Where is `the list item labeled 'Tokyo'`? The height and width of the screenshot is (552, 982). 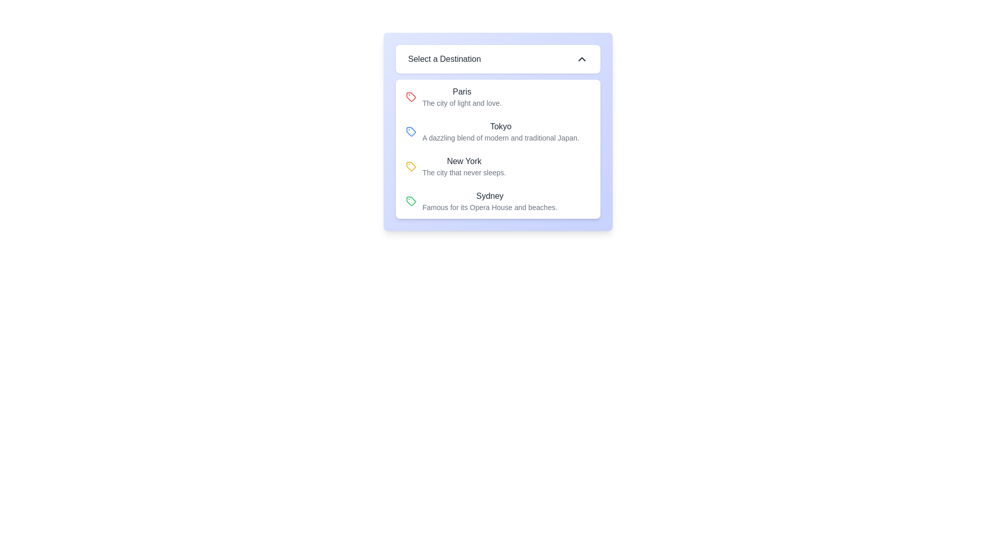 the list item labeled 'Tokyo' is located at coordinates (498, 131).